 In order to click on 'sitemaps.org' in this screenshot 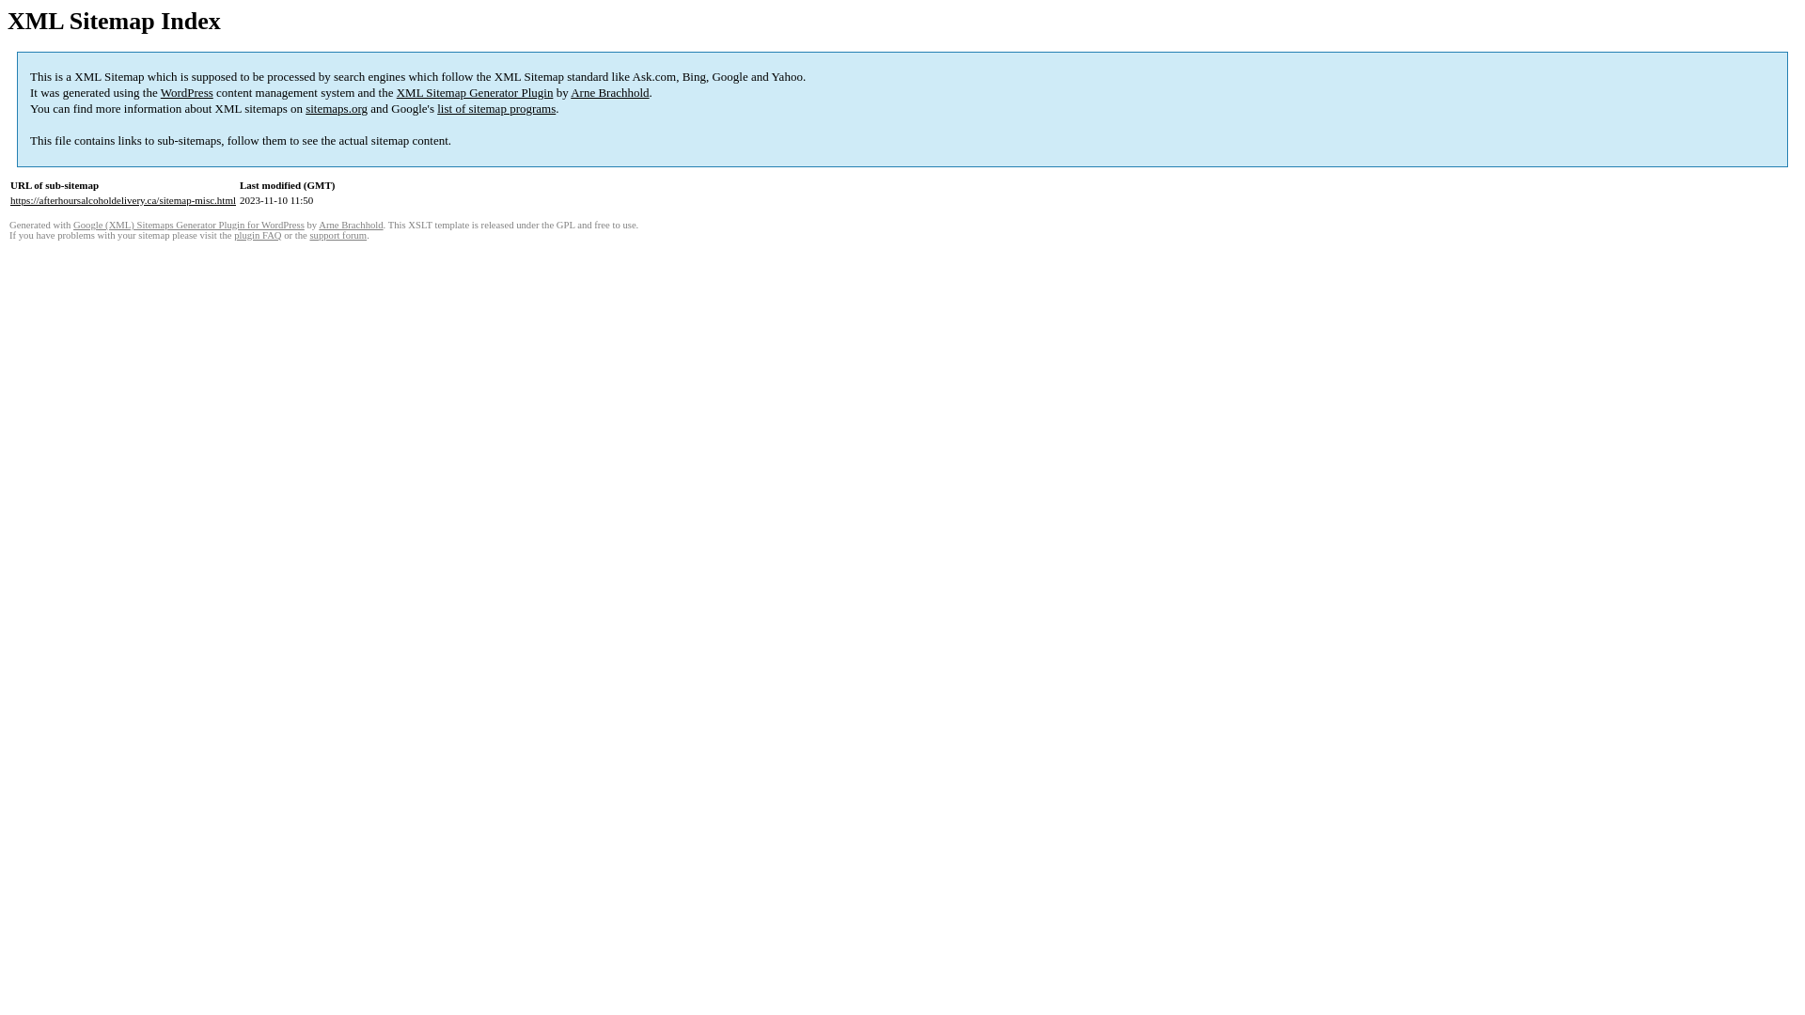, I will do `click(337, 108)`.